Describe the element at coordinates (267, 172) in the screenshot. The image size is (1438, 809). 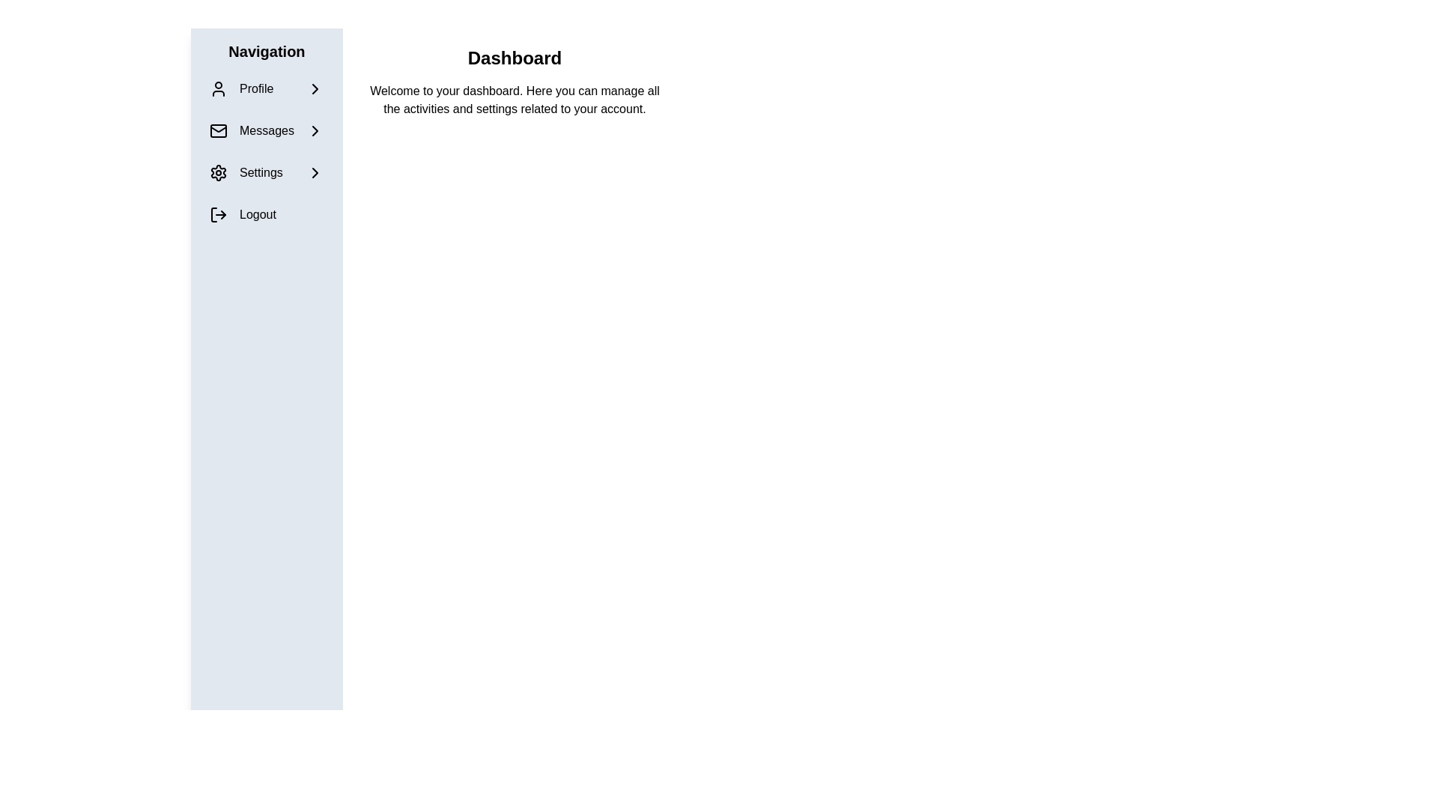
I see `the settings button, which is the third item in the vertical navigation menu` at that location.